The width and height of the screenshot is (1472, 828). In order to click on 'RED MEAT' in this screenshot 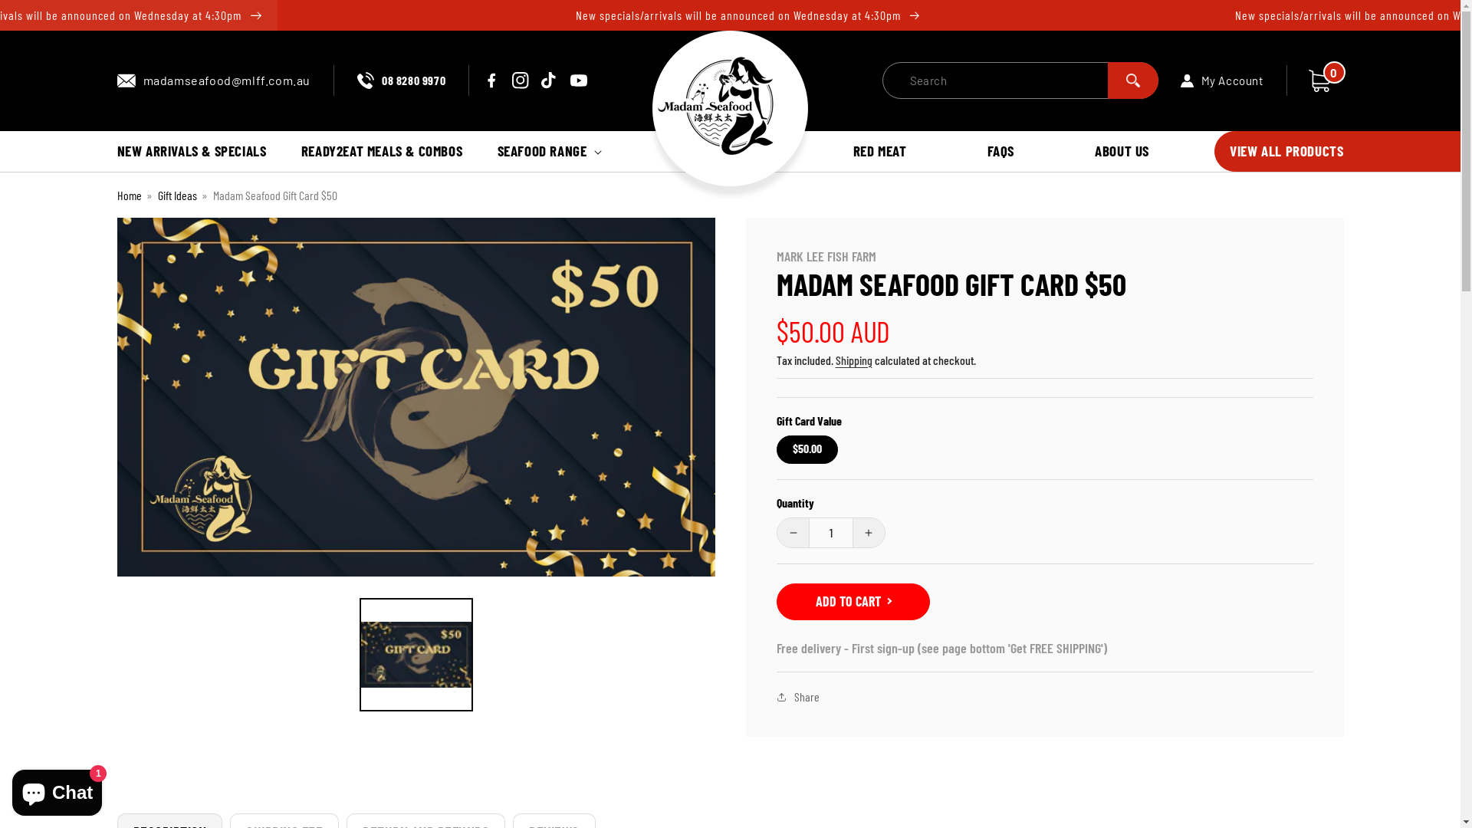, I will do `click(879, 151)`.